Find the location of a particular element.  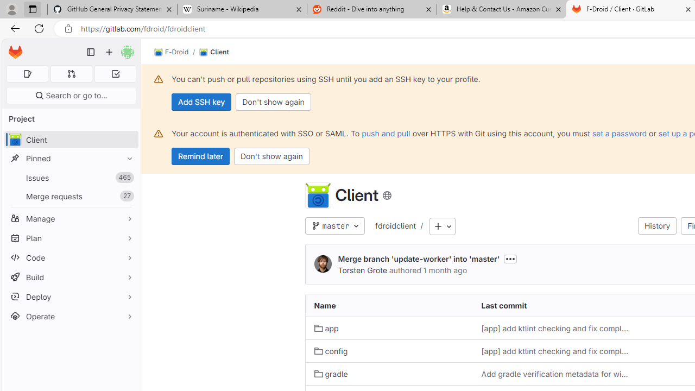

'GitHub General Privacy Statement - GitHub Docs' is located at coordinates (112, 9).